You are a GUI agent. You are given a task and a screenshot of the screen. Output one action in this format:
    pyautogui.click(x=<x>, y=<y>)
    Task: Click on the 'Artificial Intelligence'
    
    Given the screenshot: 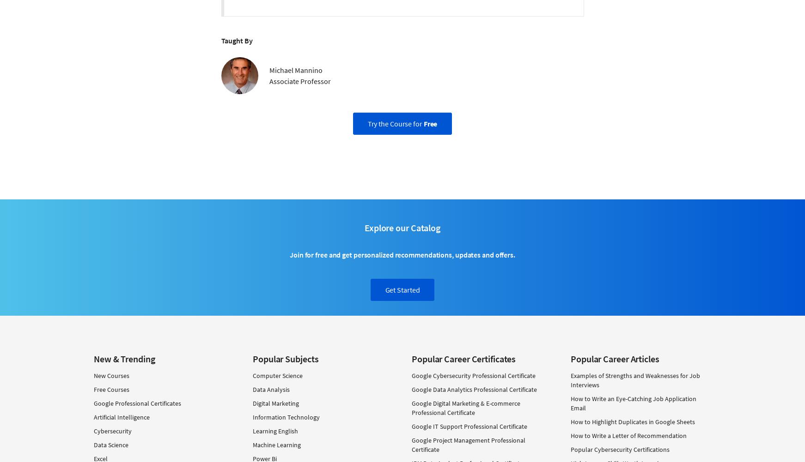 What is the action you would take?
    pyautogui.click(x=93, y=417)
    